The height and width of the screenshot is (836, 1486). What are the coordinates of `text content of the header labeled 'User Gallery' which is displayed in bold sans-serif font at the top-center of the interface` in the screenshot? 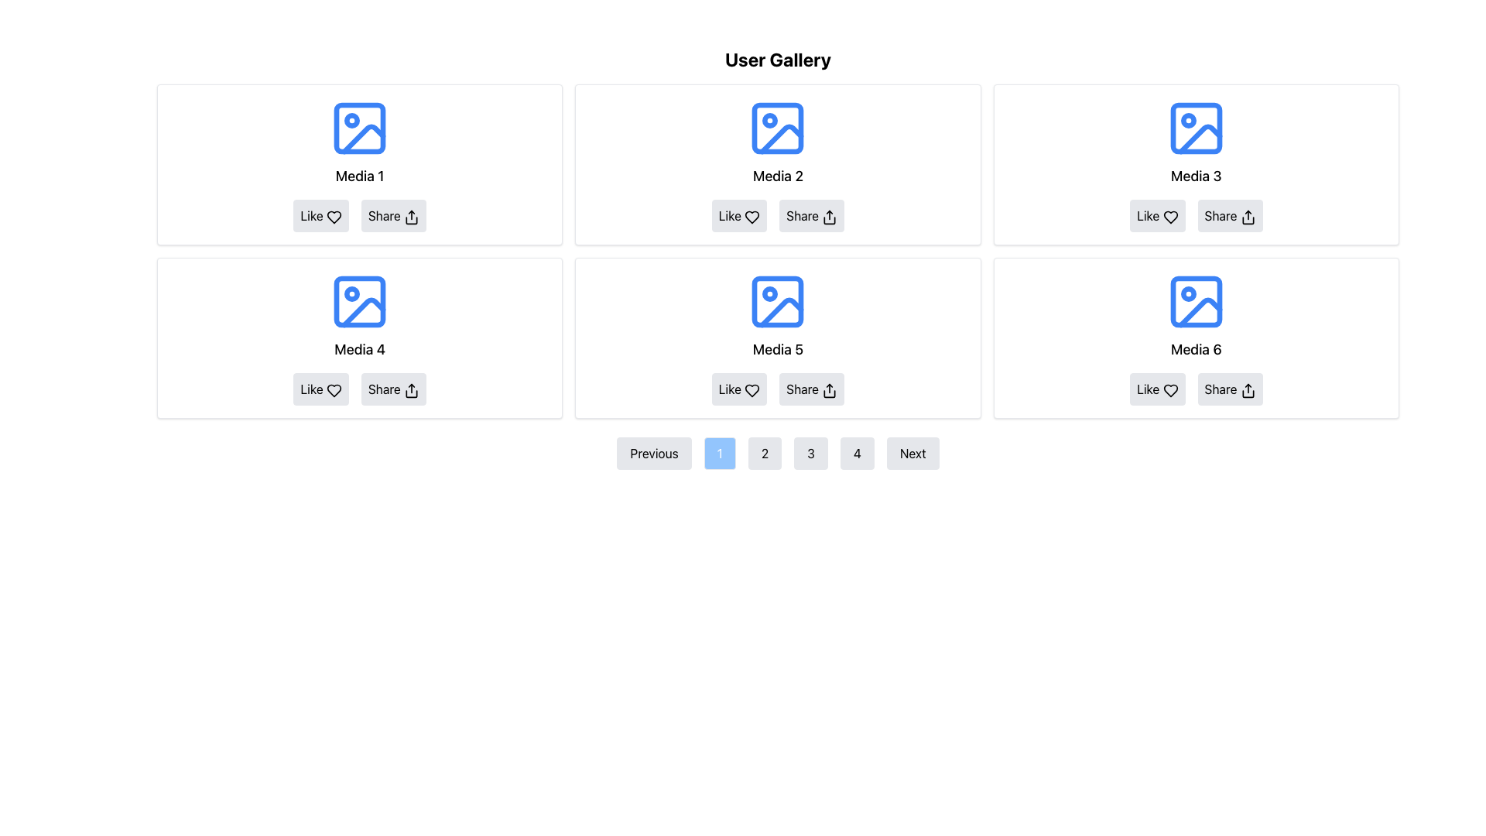 It's located at (778, 59).